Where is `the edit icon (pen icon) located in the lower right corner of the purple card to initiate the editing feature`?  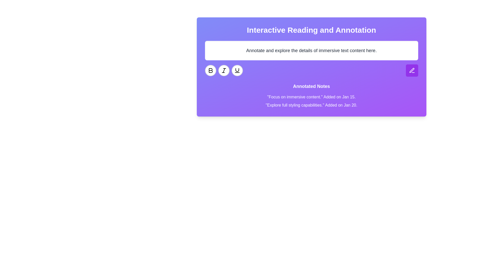 the edit icon (pen icon) located in the lower right corner of the purple card to initiate the editing feature is located at coordinates (412, 70).